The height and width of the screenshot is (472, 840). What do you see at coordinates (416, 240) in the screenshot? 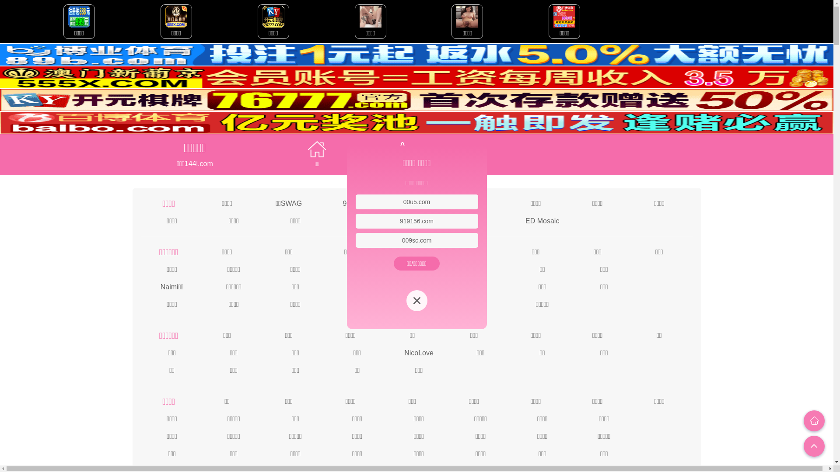
I see `'009sc.com'` at bounding box center [416, 240].